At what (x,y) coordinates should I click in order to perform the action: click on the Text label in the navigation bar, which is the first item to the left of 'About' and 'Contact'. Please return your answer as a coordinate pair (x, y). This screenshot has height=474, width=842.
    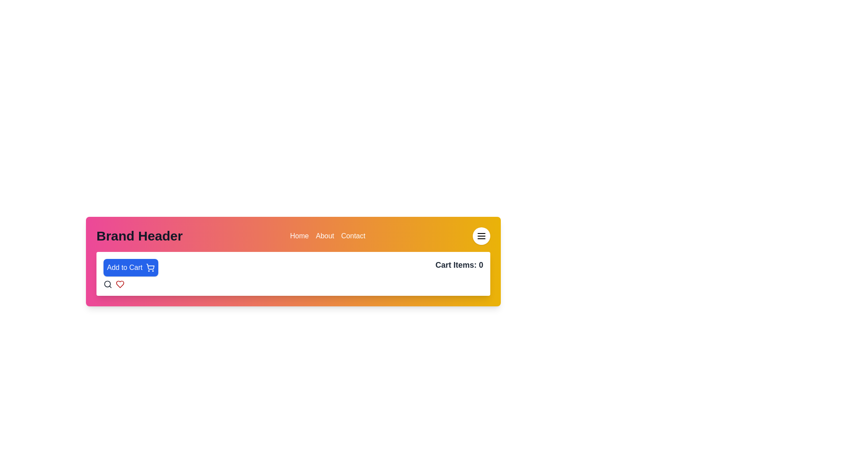
    Looking at the image, I should click on (299, 235).